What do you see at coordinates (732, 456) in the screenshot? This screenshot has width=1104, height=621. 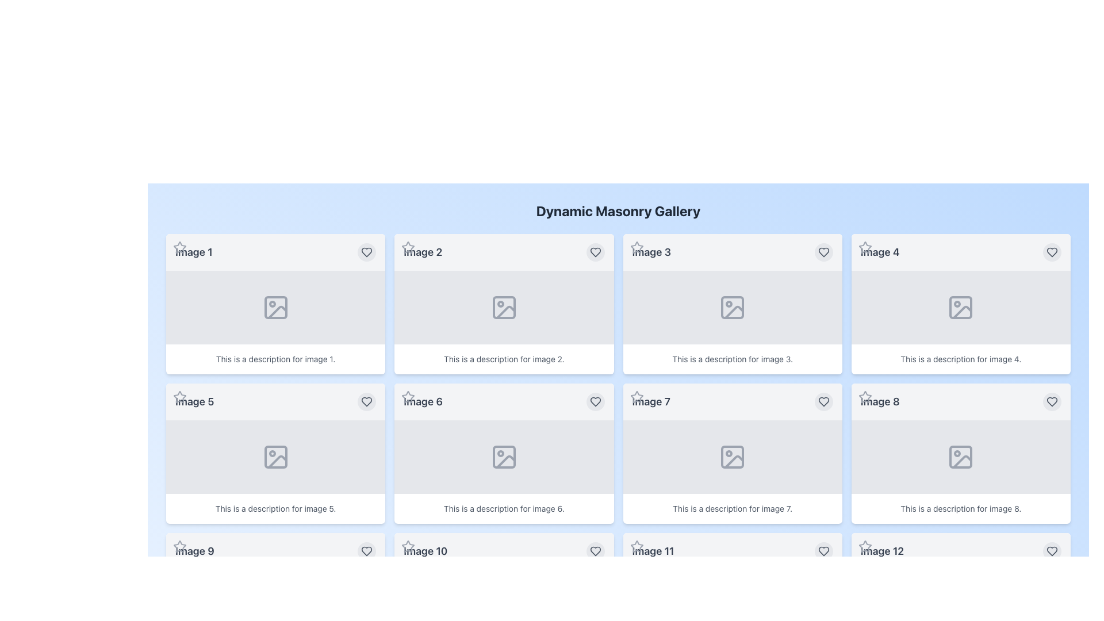 I see `the image placeholder icon located in the seventh card of a 4x3 grid layout` at bounding box center [732, 456].